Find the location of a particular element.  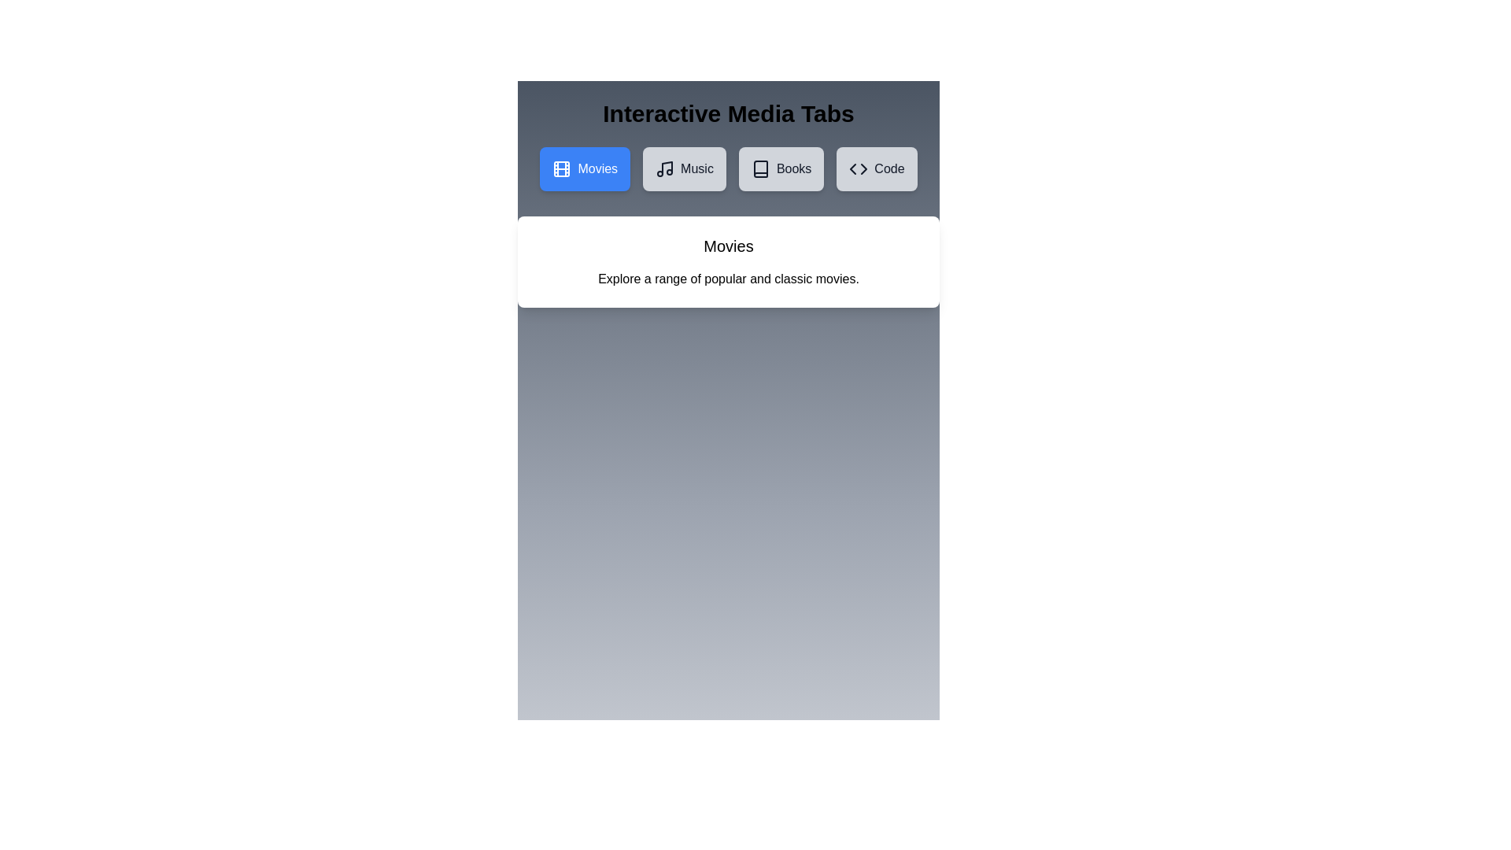

the Movies tab by clicking the respective tab button is located at coordinates (584, 169).